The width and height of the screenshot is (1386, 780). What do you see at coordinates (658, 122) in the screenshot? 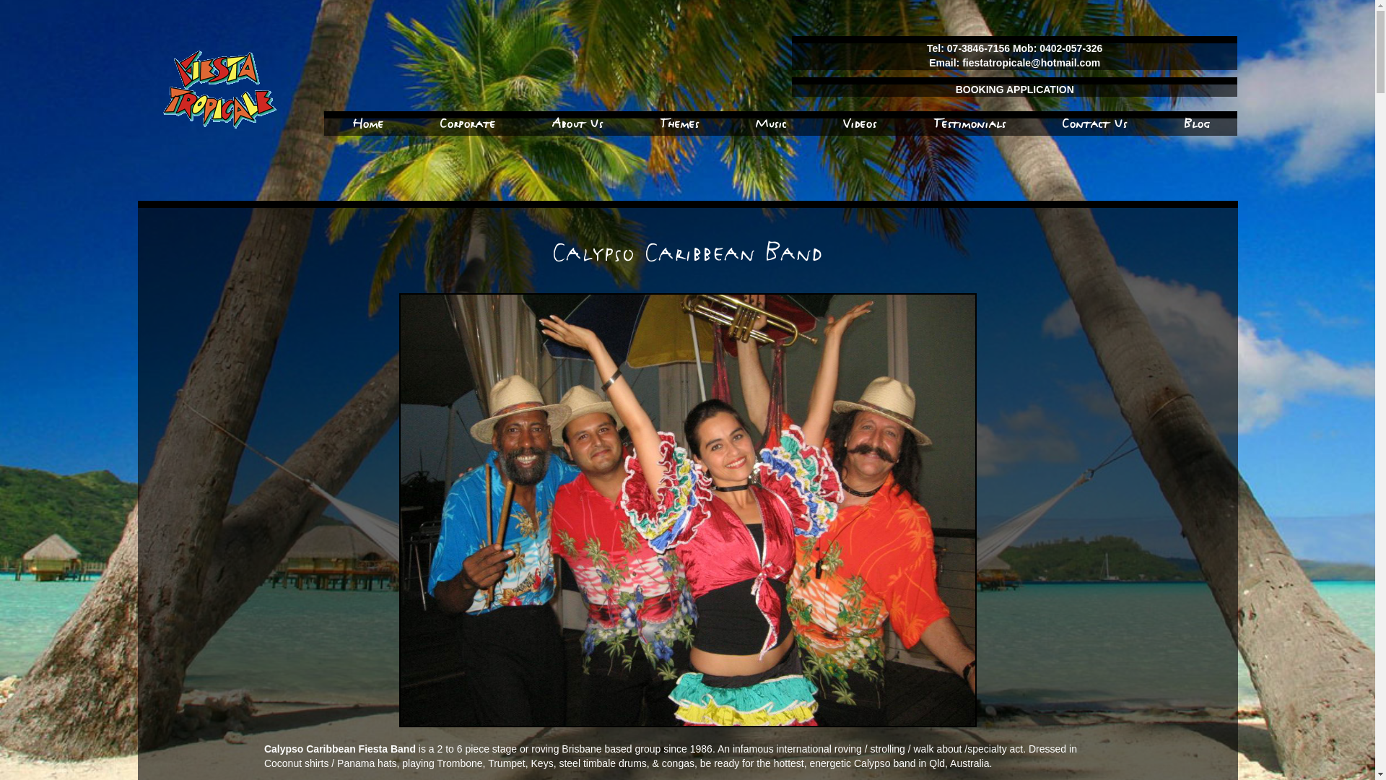
I see `'Themes'` at bounding box center [658, 122].